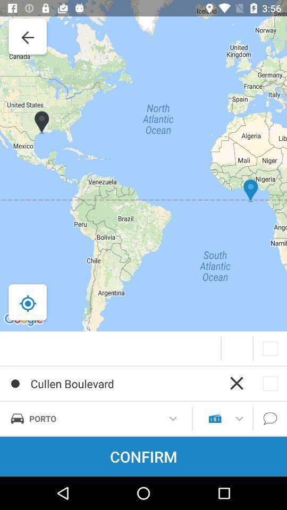  I want to click on the icon beside porto above confirm, so click(215, 418).